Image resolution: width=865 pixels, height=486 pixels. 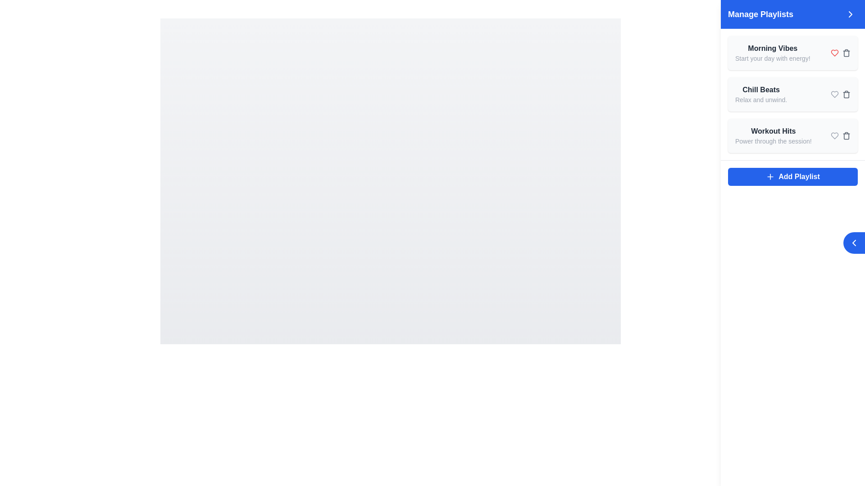 What do you see at coordinates (846, 94) in the screenshot?
I see `the Interactive icon button located at the far right of the playlist controls` at bounding box center [846, 94].